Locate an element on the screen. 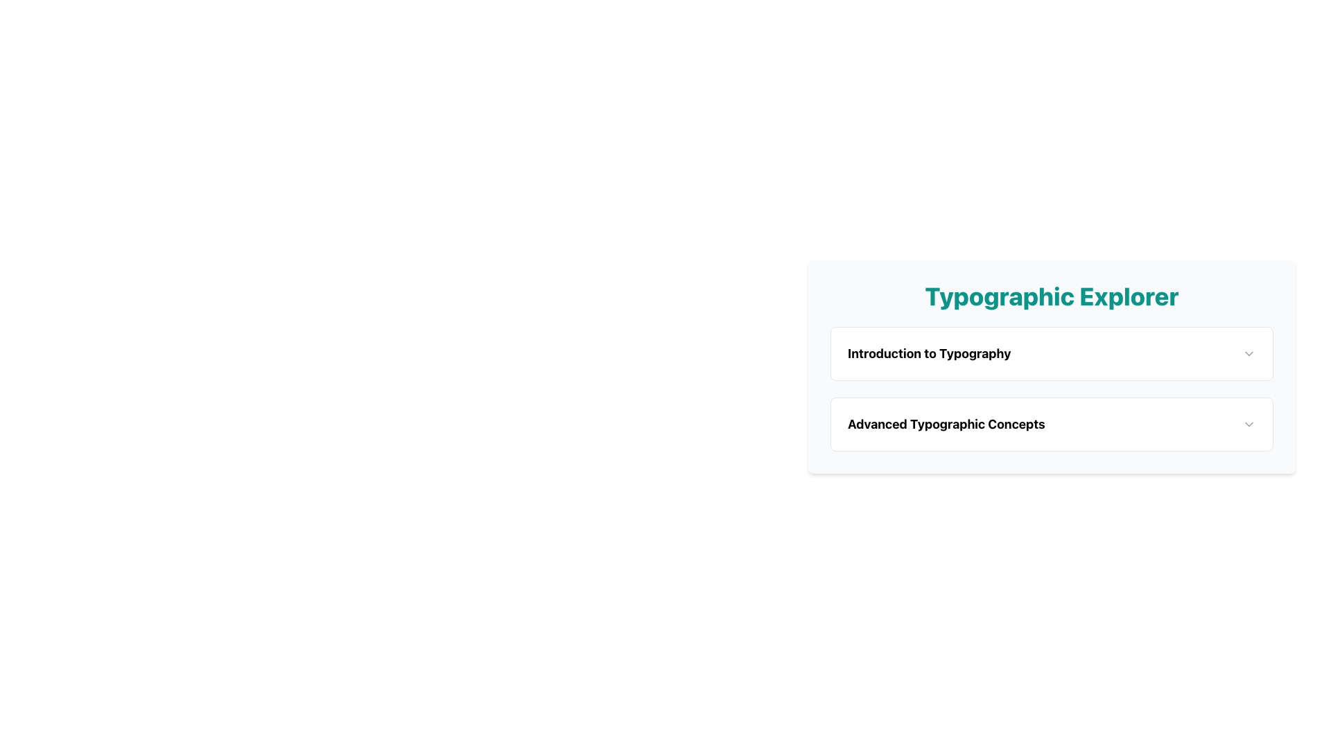 Image resolution: width=1331 pixels, height=748 pixels. the 'Advanced Typographic Concepts' dropdown menu item is located at coordinates (1052, 424).